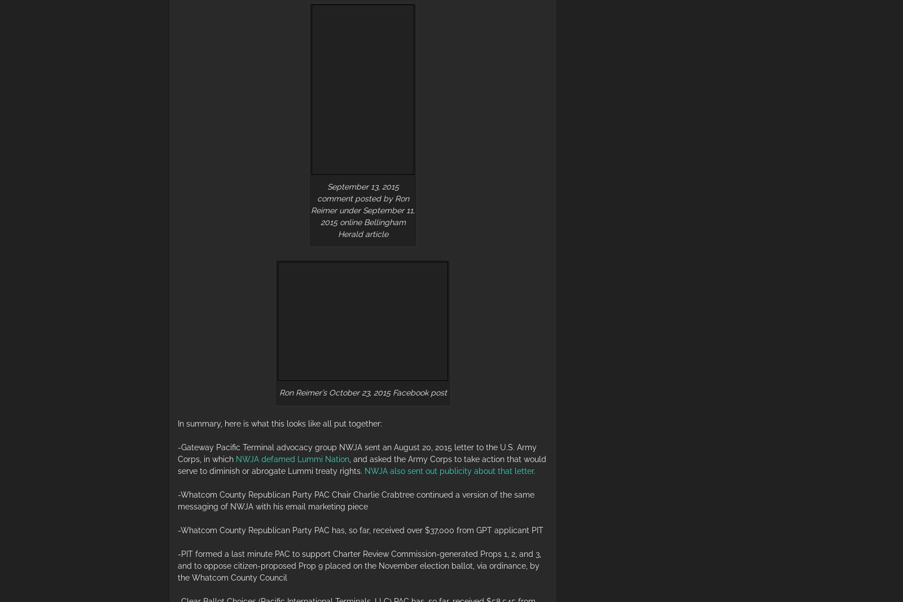 This screenshot has width=903, height=602. What do you see at coordinates (178, 499) in the screenshot?
I see `'-Whatcom County Republican Party PAC Chair Charlie Crabtree continued a version of the same messaging of NWJA with his email marketing piece'` at bounding box center [178, 499].